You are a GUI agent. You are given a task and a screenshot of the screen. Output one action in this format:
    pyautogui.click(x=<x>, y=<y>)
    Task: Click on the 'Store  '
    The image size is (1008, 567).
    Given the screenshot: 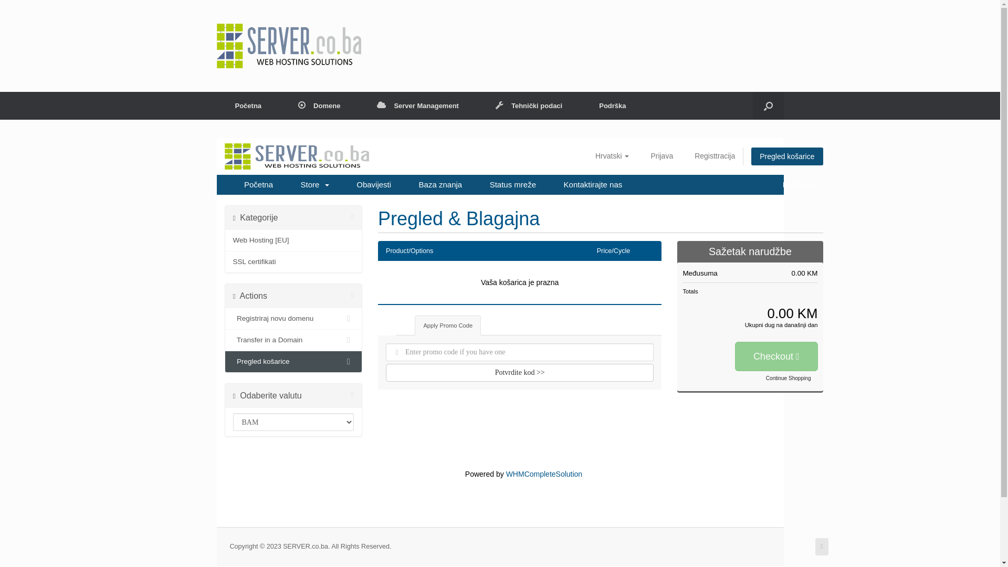 What is the action you would take?
    pyautogui.click(x=314, y=184)
    